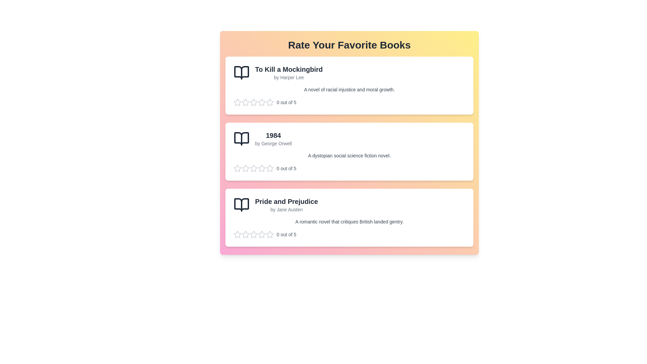 This screenshot has height=364, width=647. What do you see at coordinates (238, 168) in the screenshot?
I see `the first star button in the rating system for the book '1984' by George Orwell to visually enlarge it` at bounding box center [238, 168].